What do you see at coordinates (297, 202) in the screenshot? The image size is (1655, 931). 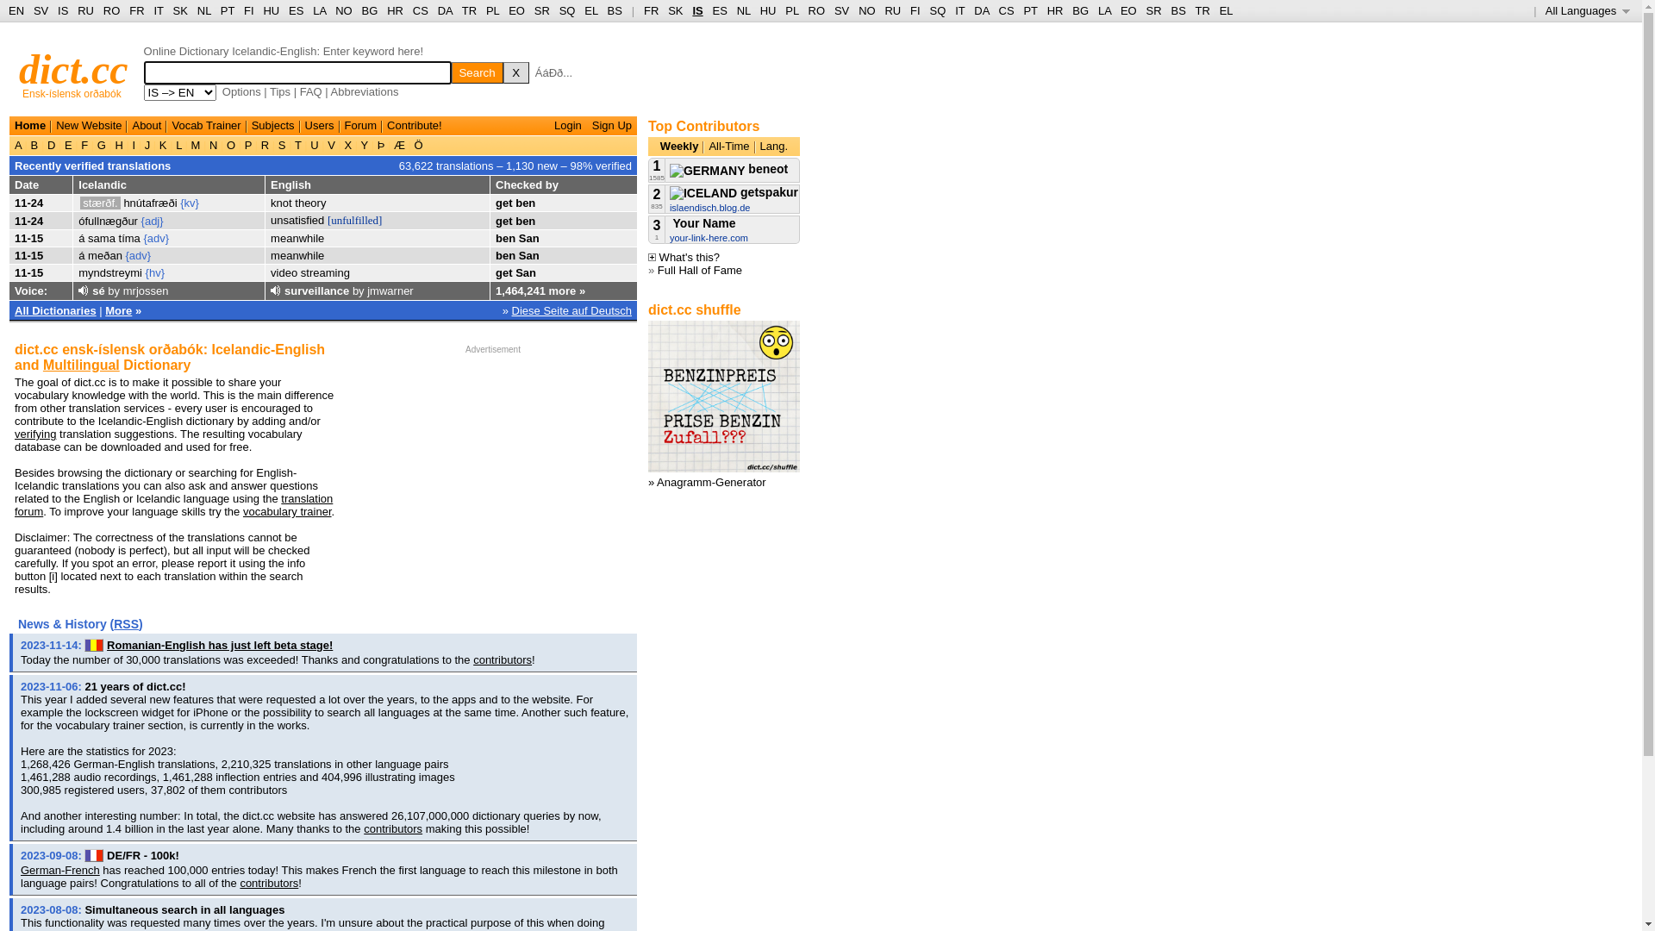 I see `'knot theory'` at bounding box center [297, 202].